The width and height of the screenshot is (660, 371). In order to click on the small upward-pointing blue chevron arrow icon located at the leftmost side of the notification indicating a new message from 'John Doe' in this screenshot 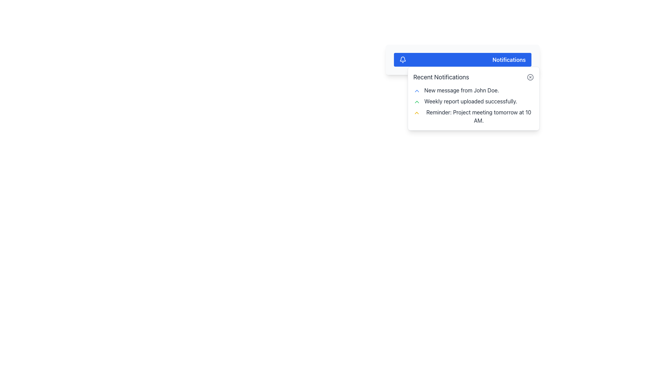, I will do `click(416, 91)`.